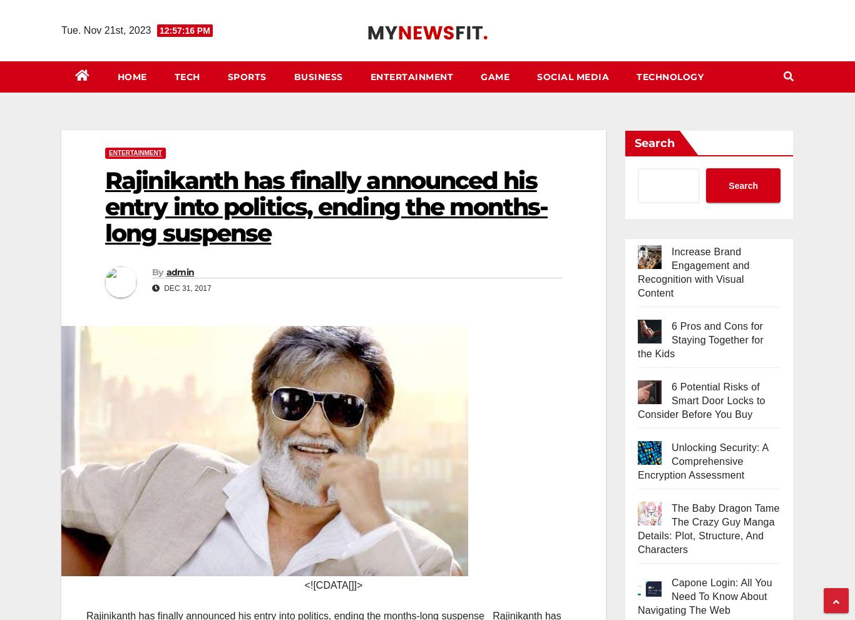  Describe the element at coordinates (318, 76) in the screenshot. I see `'Business'` at that location.